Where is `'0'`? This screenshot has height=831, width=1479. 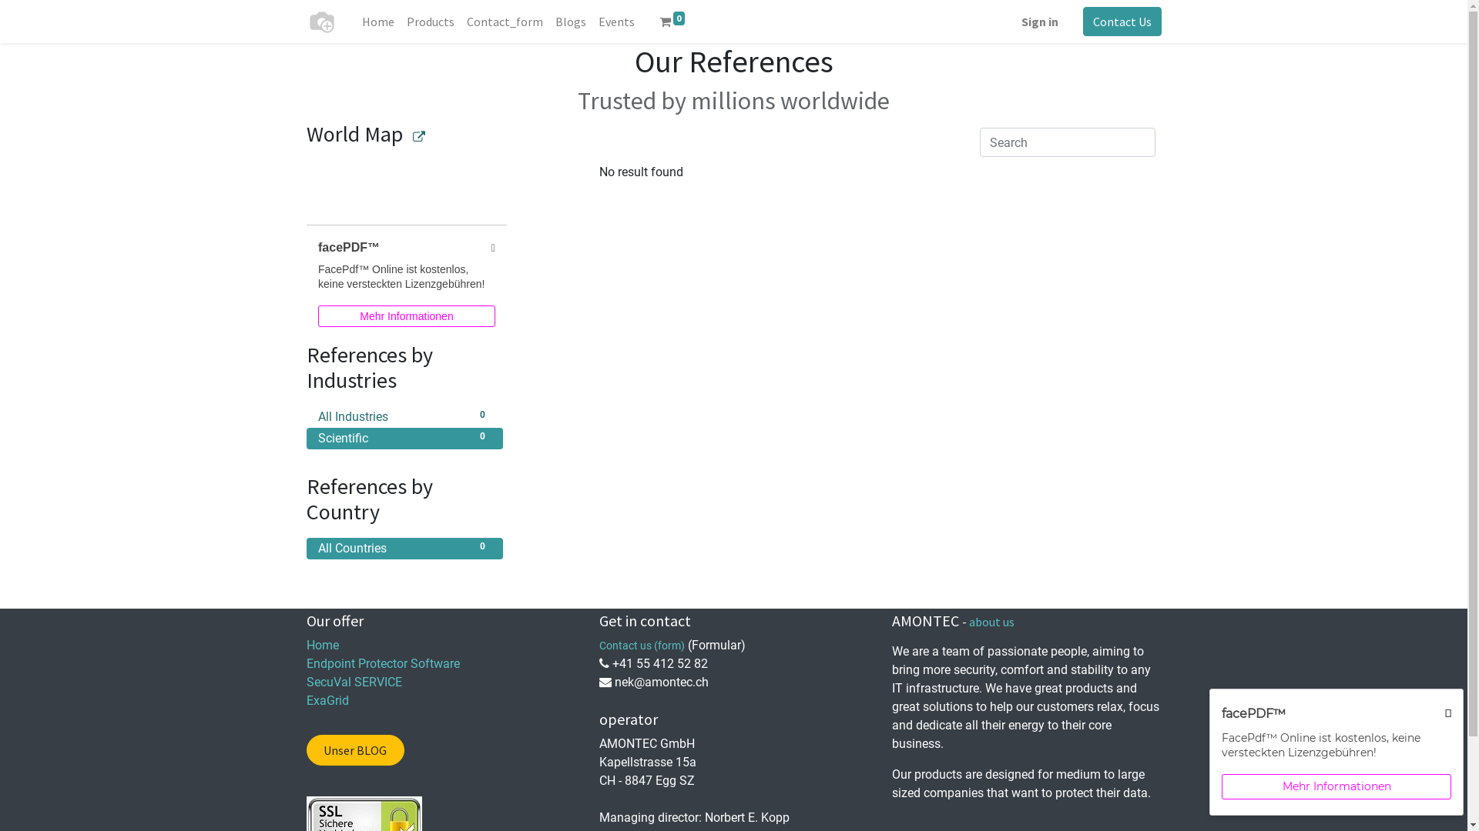 '0' is located at coordinates (672, 21).